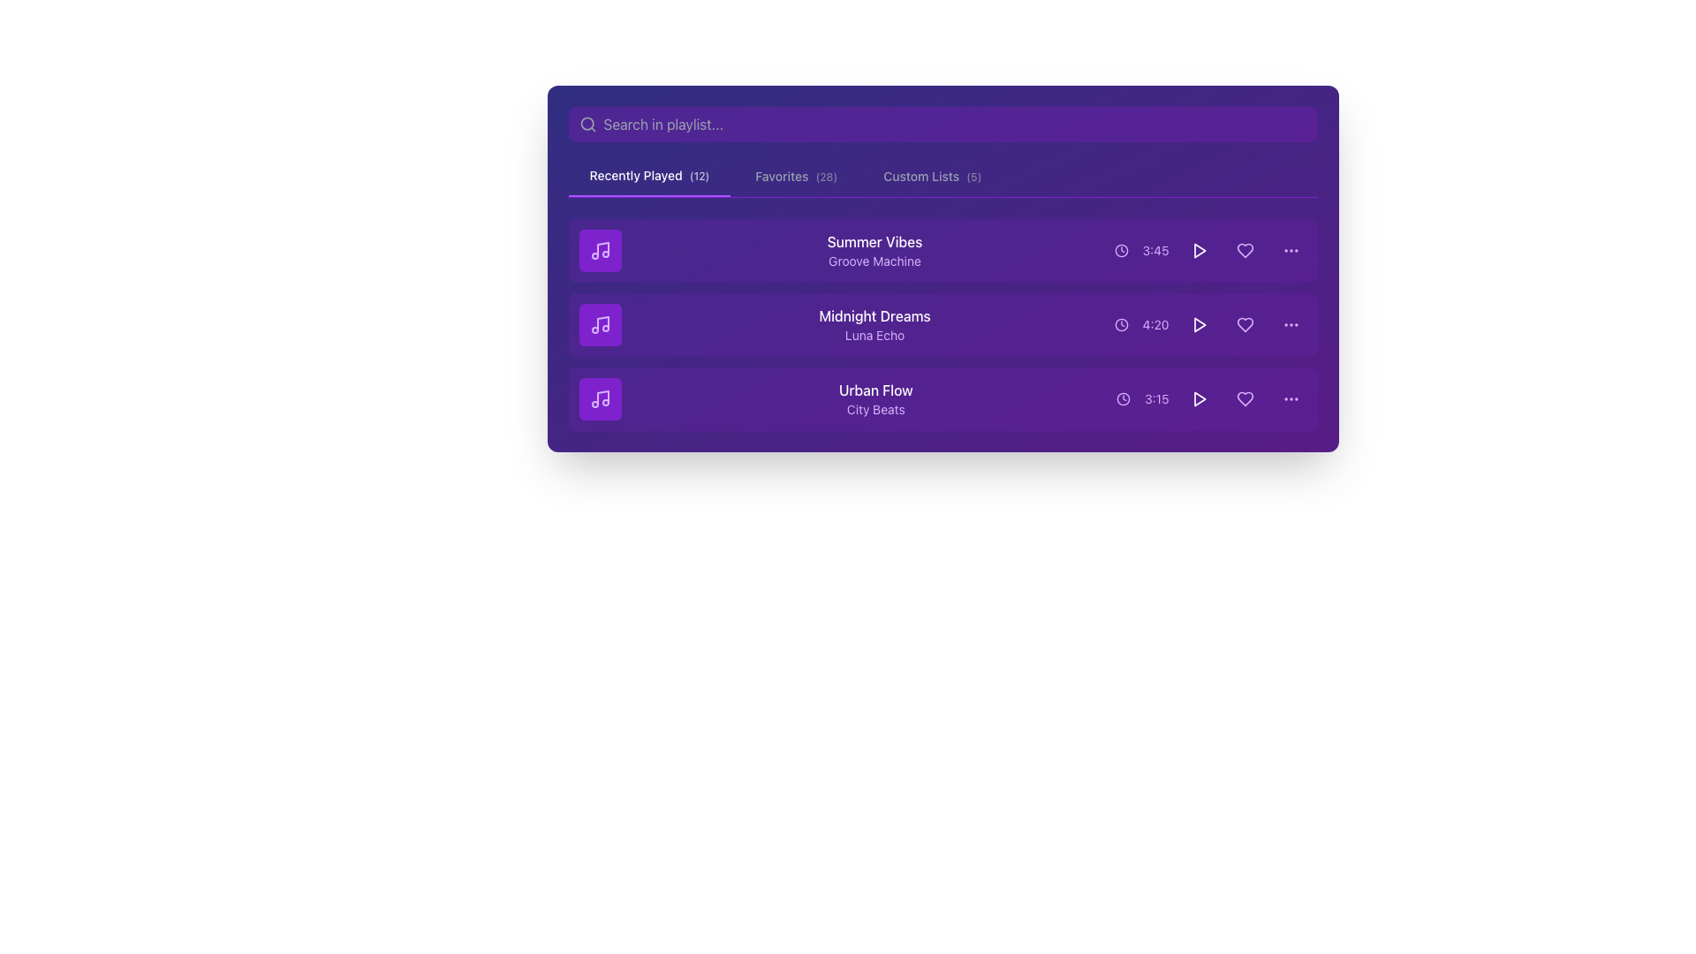 The height and width of the screenshot is (954, 1696). What do you see at coordinates (1199, 324) in the screenshot?
I see `the triangular play button` at bounding box center [1199, 324].